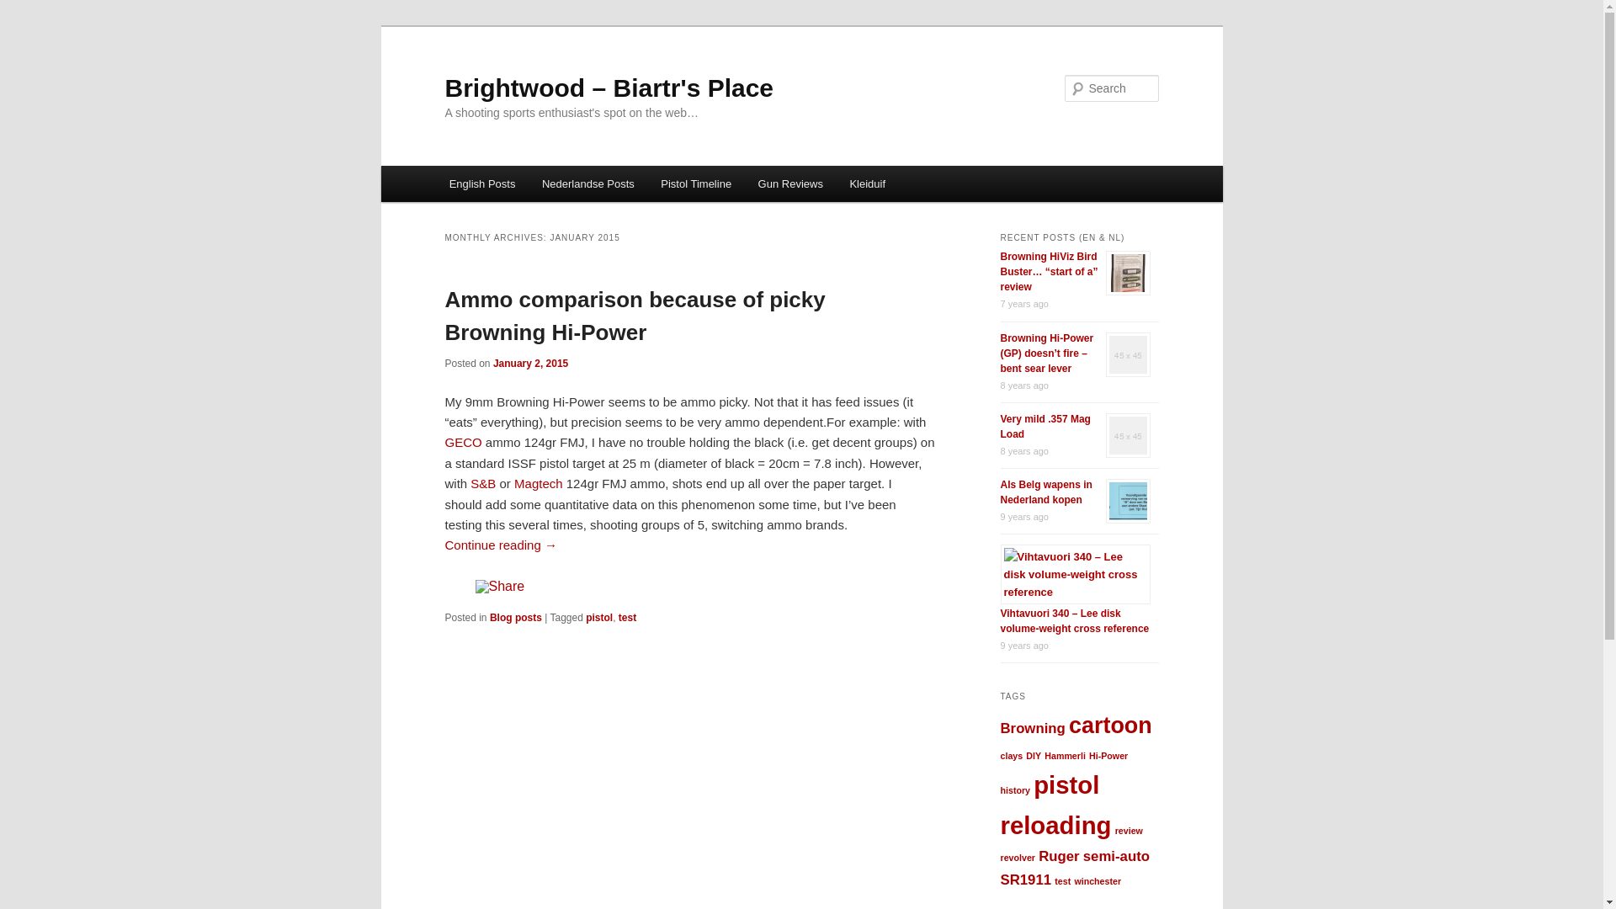 The height and width of the screenshot is (909, 1616). I want to click on 'Nederlandse Posts', so click(587, 183).